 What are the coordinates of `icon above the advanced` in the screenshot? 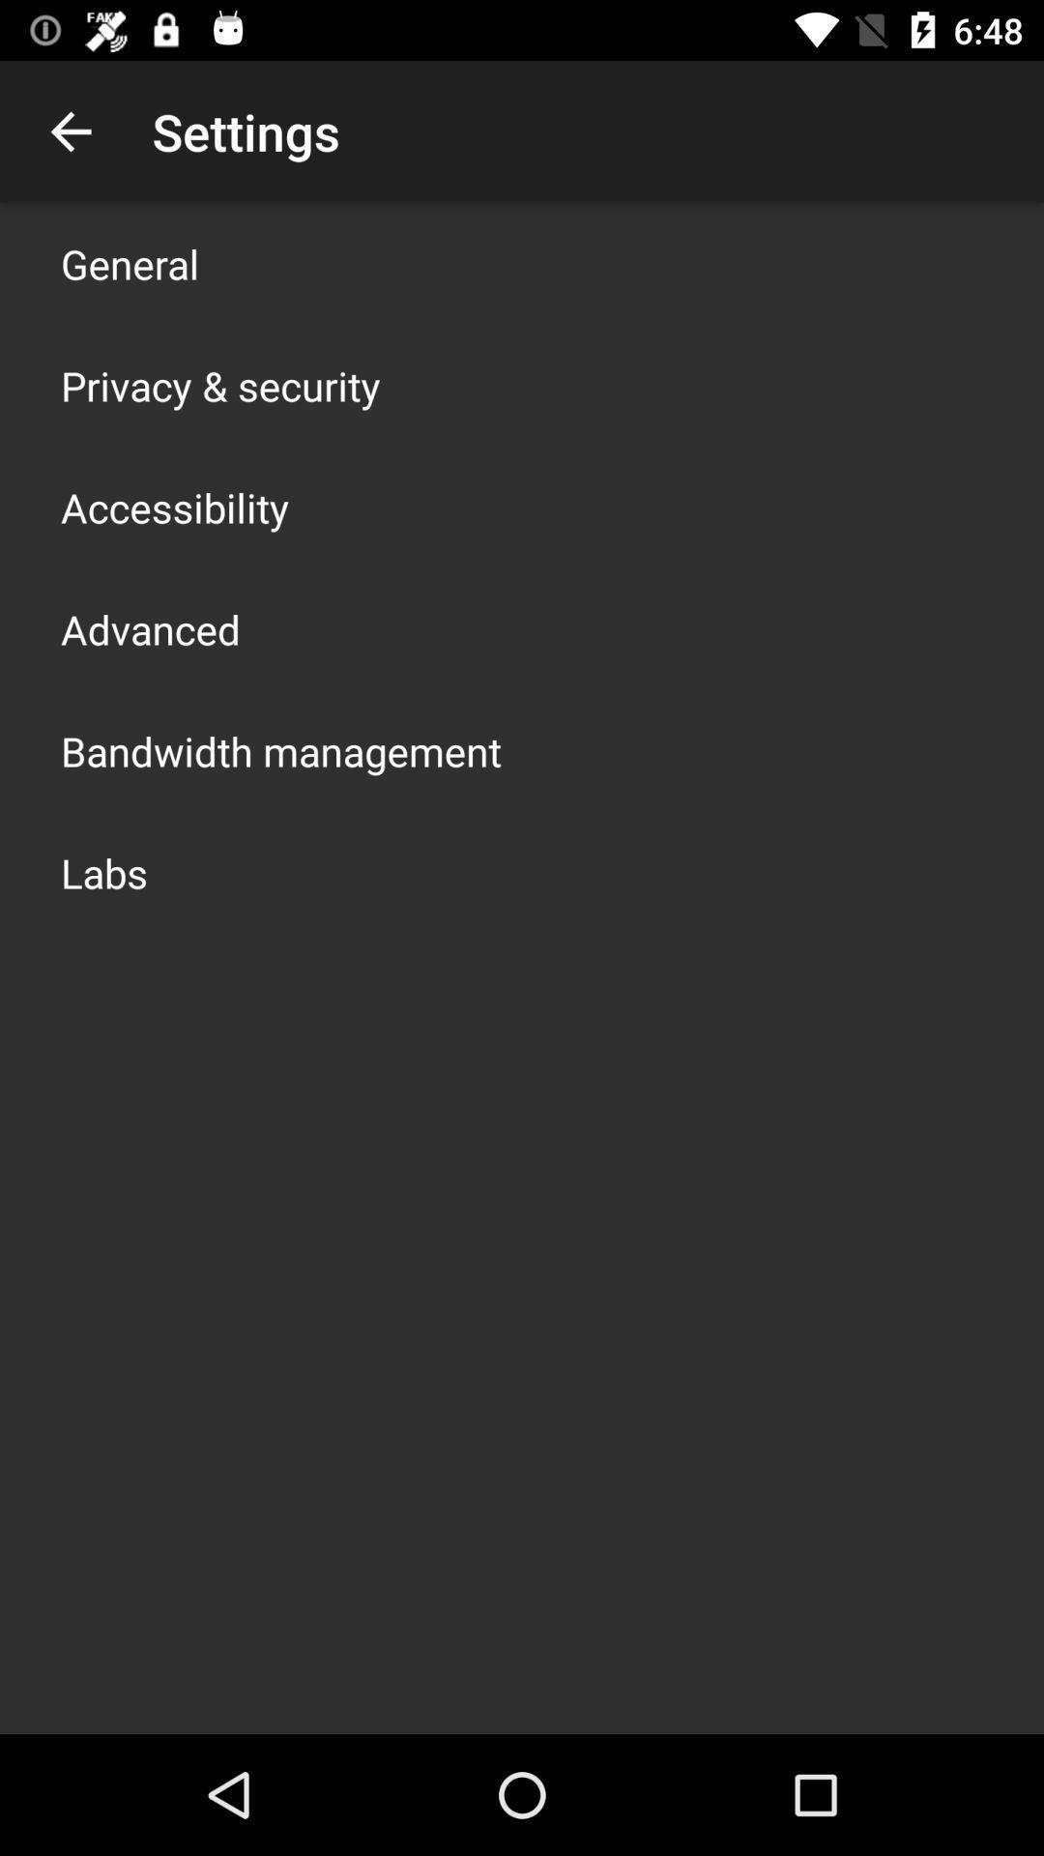 It's located at (175, 507).